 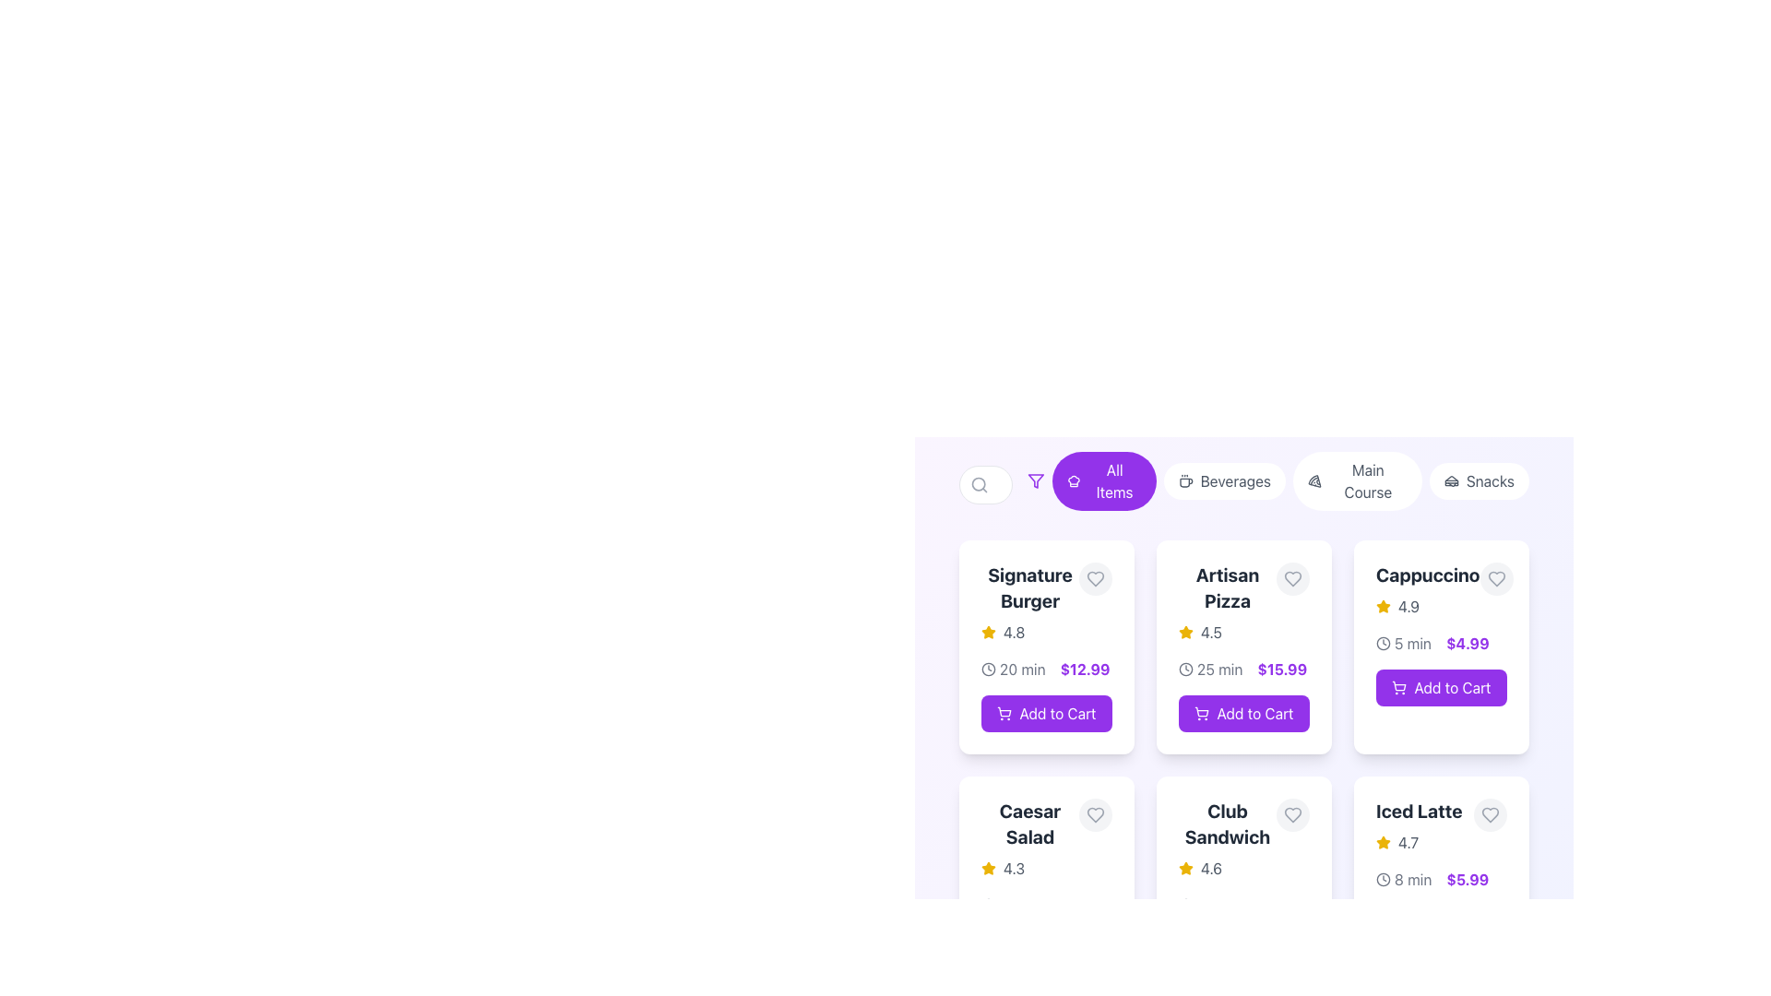 I want to click on the circular stroke icon representing a clock within the SVG component, which is the circular outline of the clock face, so click(x=1186, y=669).